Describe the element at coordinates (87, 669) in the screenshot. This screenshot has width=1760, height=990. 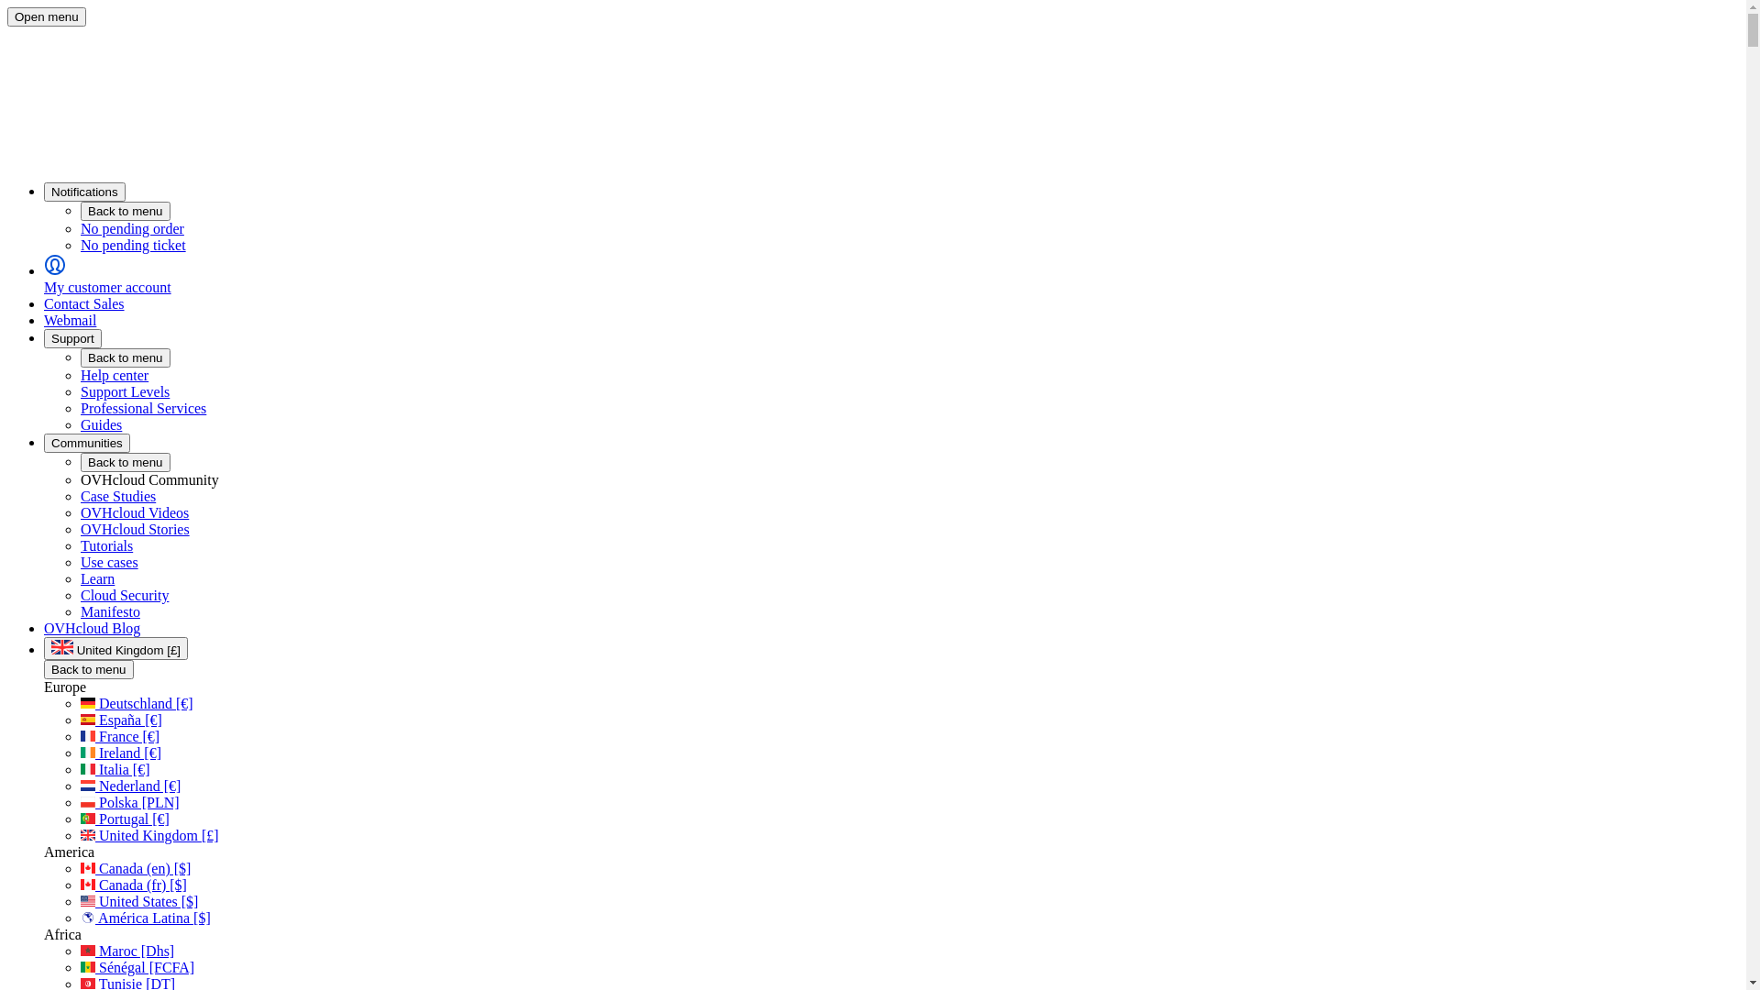
I see `'Back to menu'` at that location.